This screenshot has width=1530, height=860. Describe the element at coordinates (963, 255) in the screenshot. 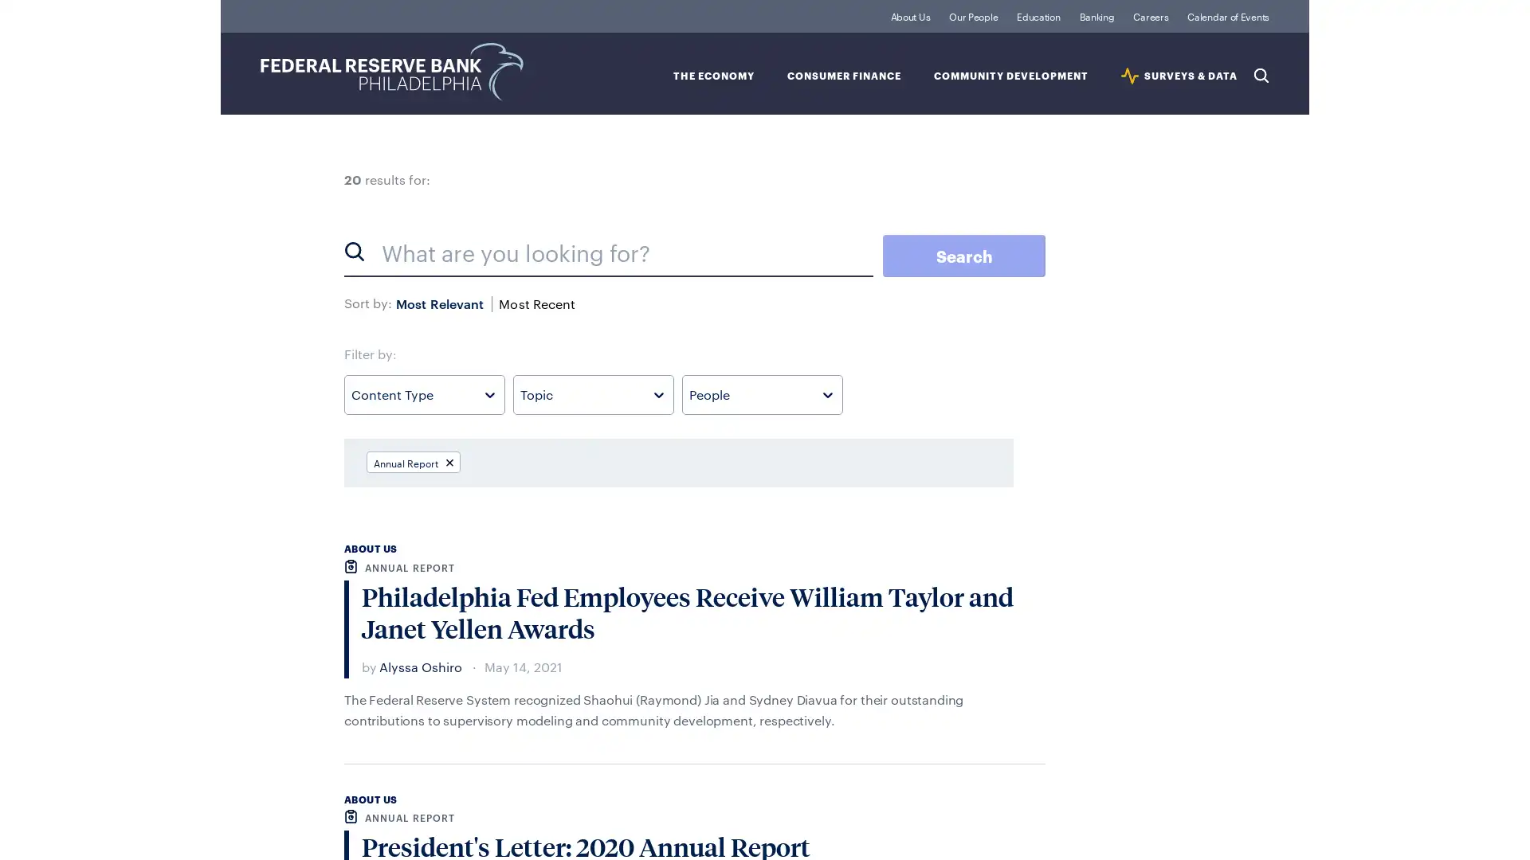

I see `Search` at that location.